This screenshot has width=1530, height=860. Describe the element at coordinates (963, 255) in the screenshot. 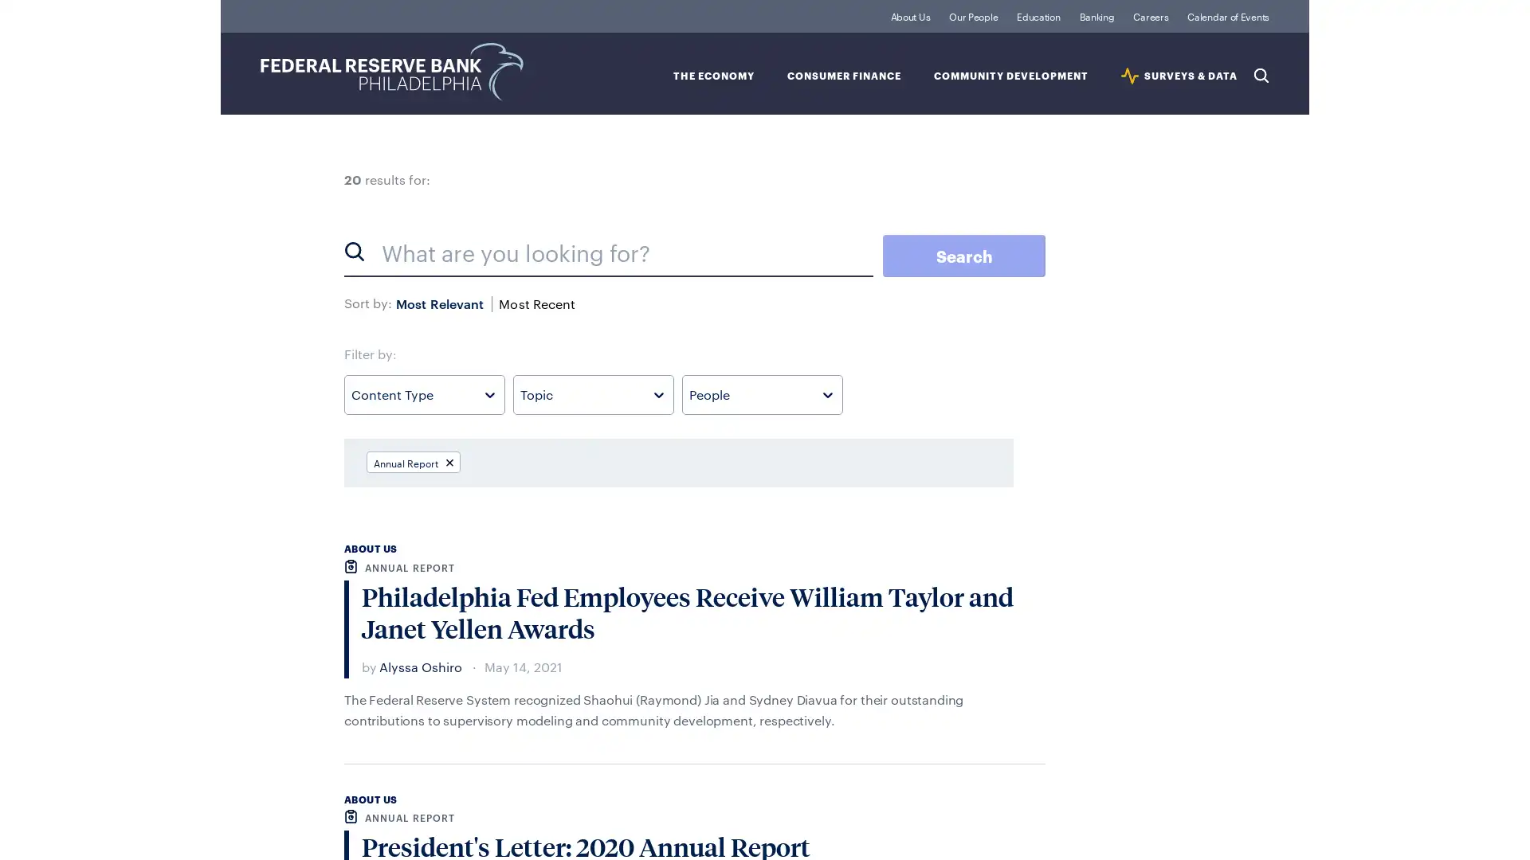

I see `Search` at that location.